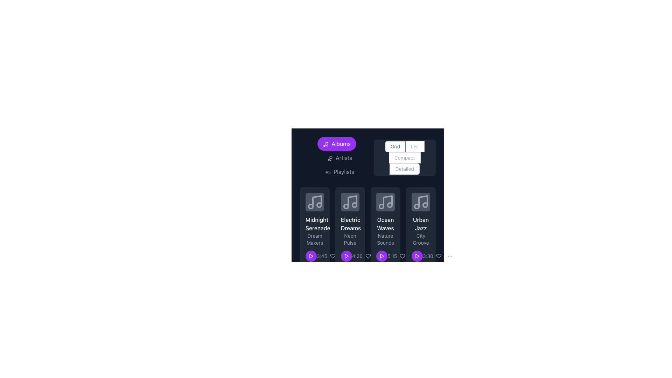 The height and width of the screenshot is (378, 672). Describe the element at coordinates (322, 256) in the screenshot. I see `the text label that indicates the song duration, which is positioned to the right of the play button and to the left of the heart-shaped button for the 'Midnight Serenade' album` at that location.